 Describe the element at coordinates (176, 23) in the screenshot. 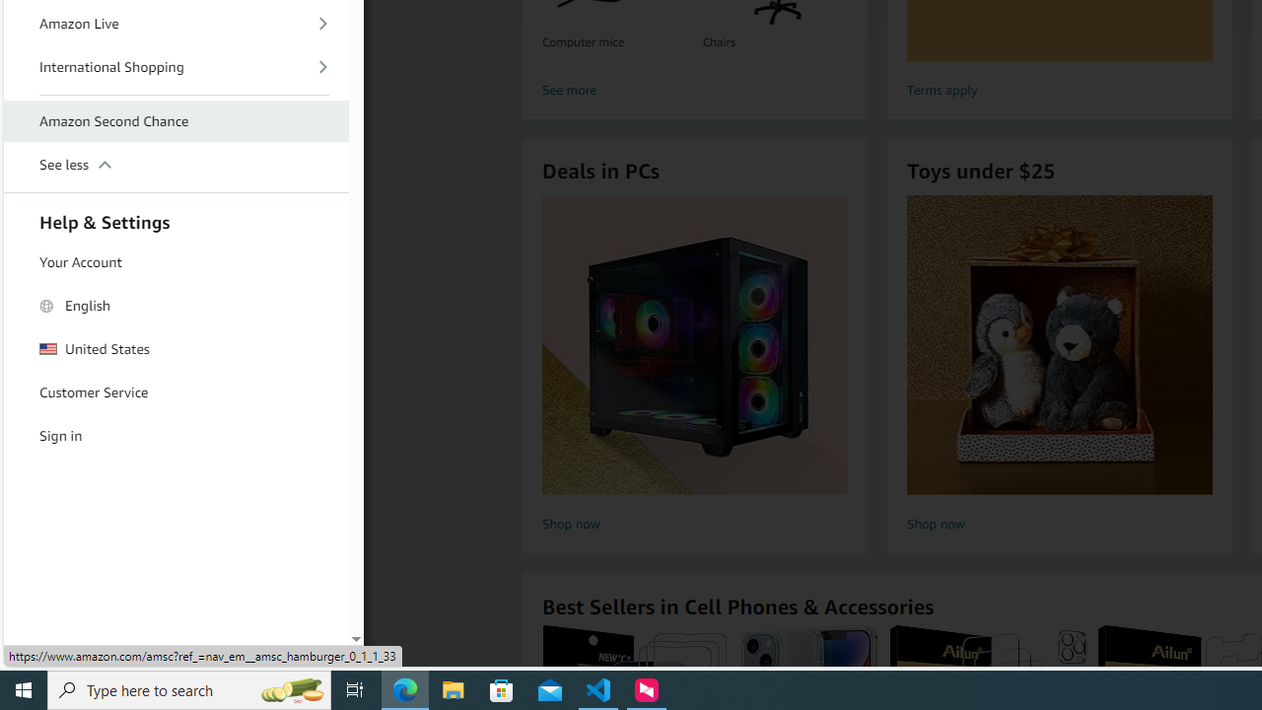

I see `'Amazon Live'` at that location.